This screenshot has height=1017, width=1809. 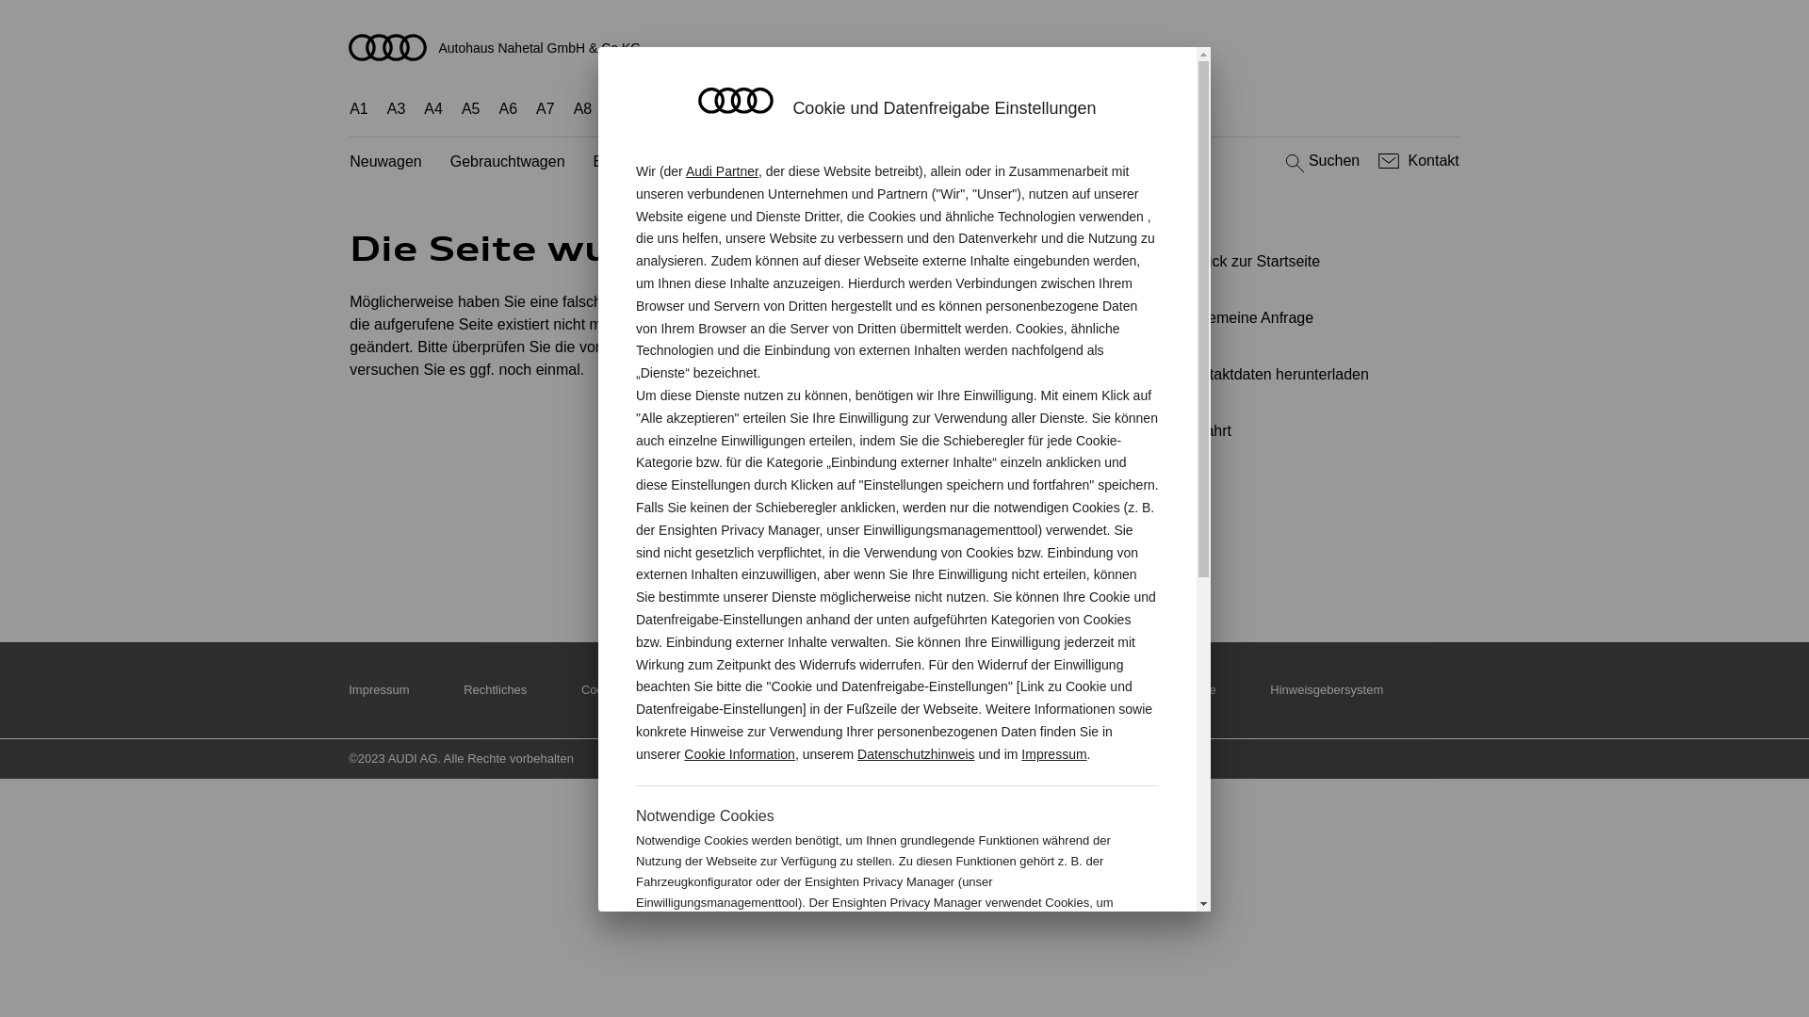 What do you see at coordinates (660, 108) in the screenshot?
I see `'Q3'` at bounding box center [660, 108].